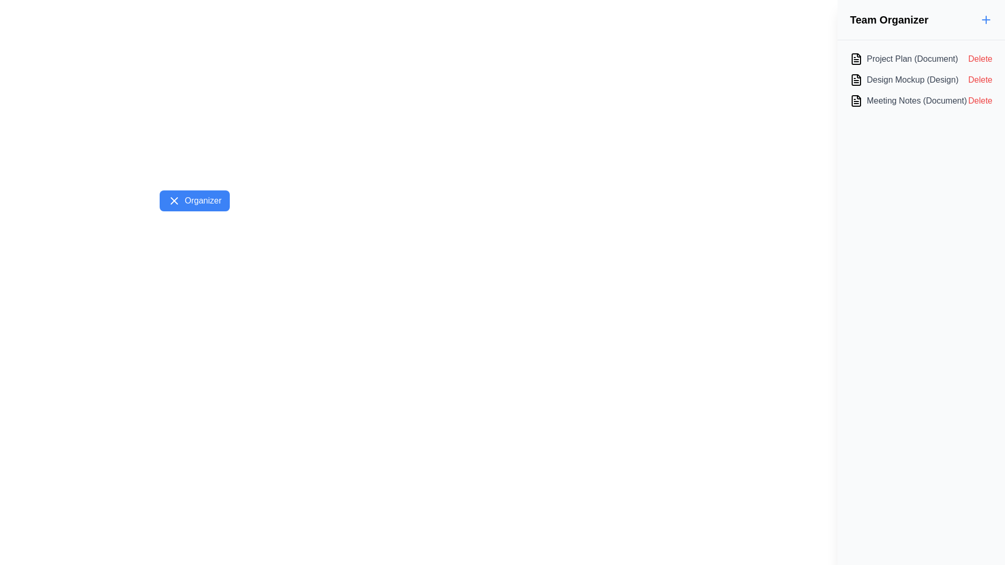 Image resolution: width=1005 pixels, height=565 pixels. What do you see at coordinates (912, 59) in the screenshot?
I see `the text label providing information about the 'Project Plan (Document)' located in the 'Team Organizer' section, positioned between a document icon and a 'Delete' button` at bounding box center [912, 59].